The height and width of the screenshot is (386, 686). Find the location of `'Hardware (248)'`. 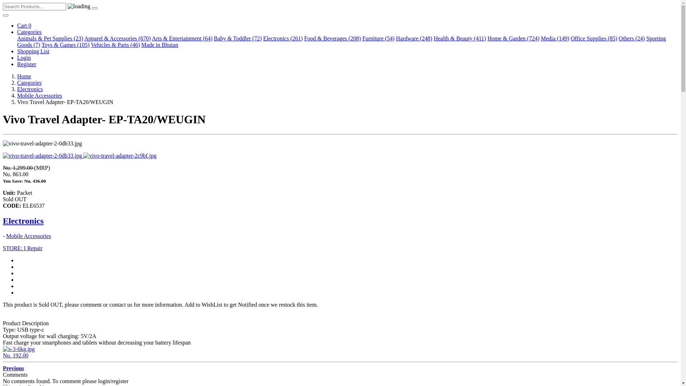

'Hardware (248)' is located at coordinates (414, 38).